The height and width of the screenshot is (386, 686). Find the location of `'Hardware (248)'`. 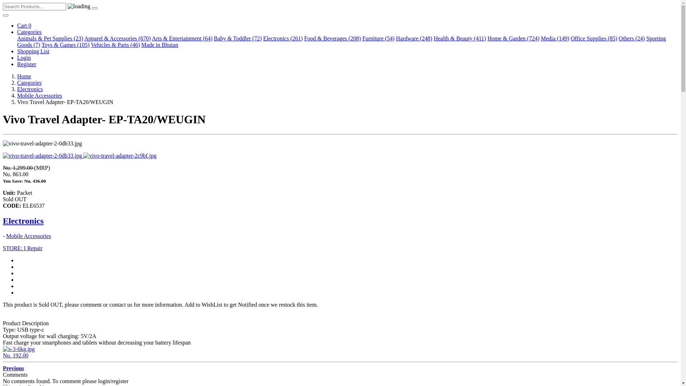

'Hardware (248)' is located at coordinates (414, 38).